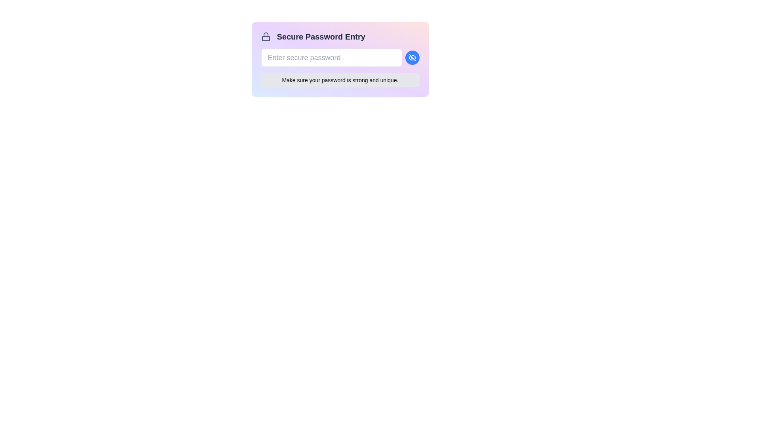 The width and height of the screenshot is (760, 427). What do you see at coordinates (340, 80) in the screenshot?
I see `the static text element that provides guidance for creating a secure and unique password, located near the bottom of the secure password entry module` at bounding box center [340, 80].